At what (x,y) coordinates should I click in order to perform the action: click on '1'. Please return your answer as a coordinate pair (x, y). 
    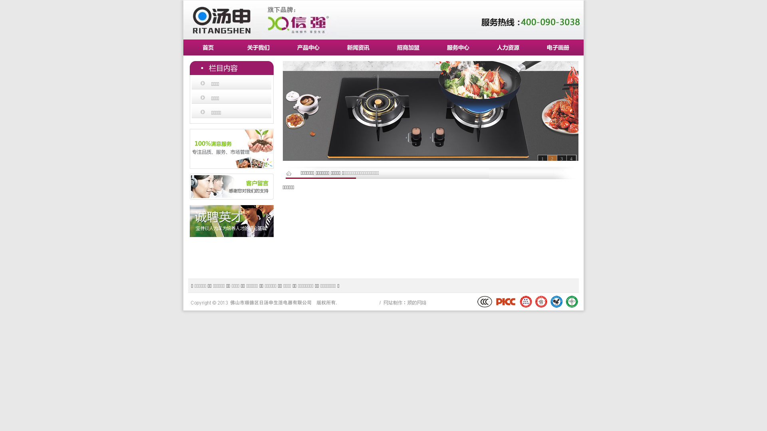
    Looking at the image, I should click on (542, 158).